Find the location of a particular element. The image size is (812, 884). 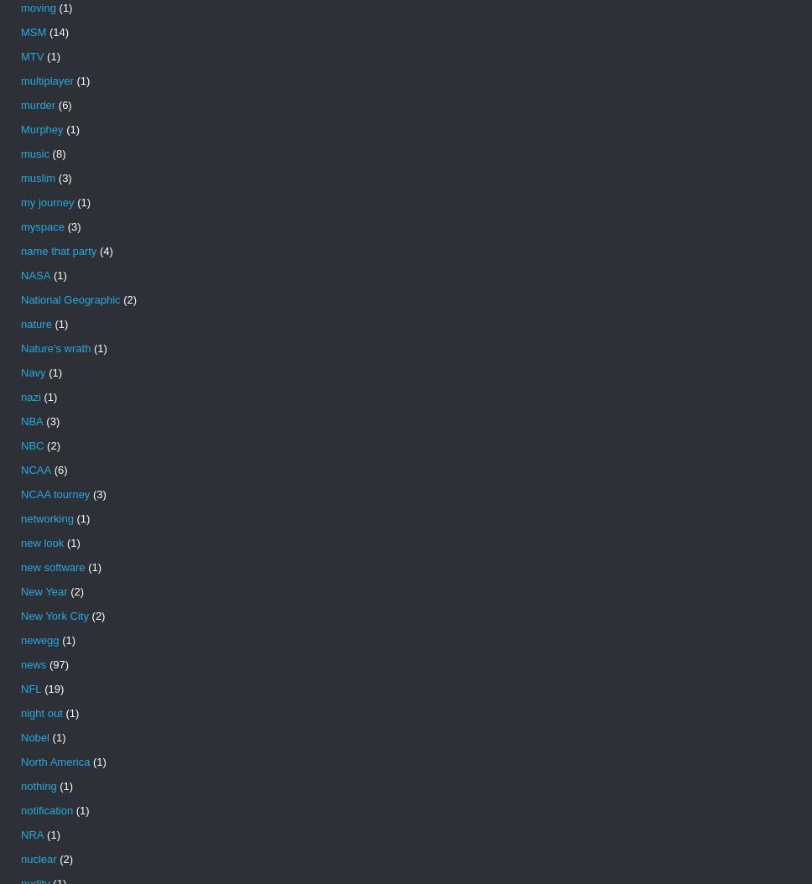

'NBC' is located at coordinates (32, 445).